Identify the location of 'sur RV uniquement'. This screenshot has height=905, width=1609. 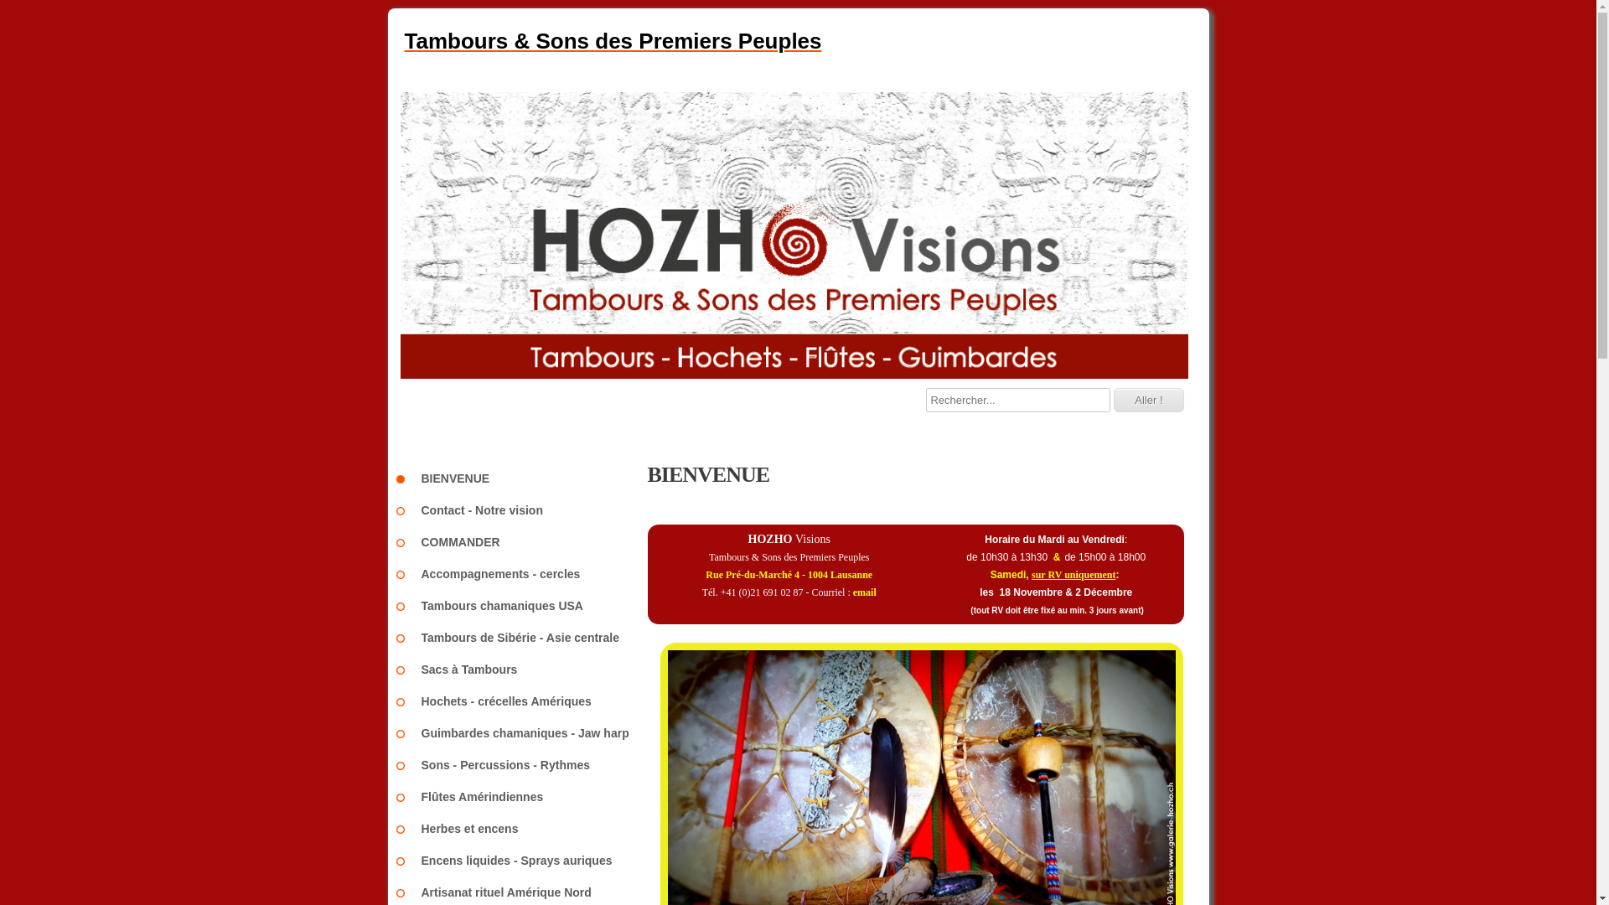
(1074, 574).